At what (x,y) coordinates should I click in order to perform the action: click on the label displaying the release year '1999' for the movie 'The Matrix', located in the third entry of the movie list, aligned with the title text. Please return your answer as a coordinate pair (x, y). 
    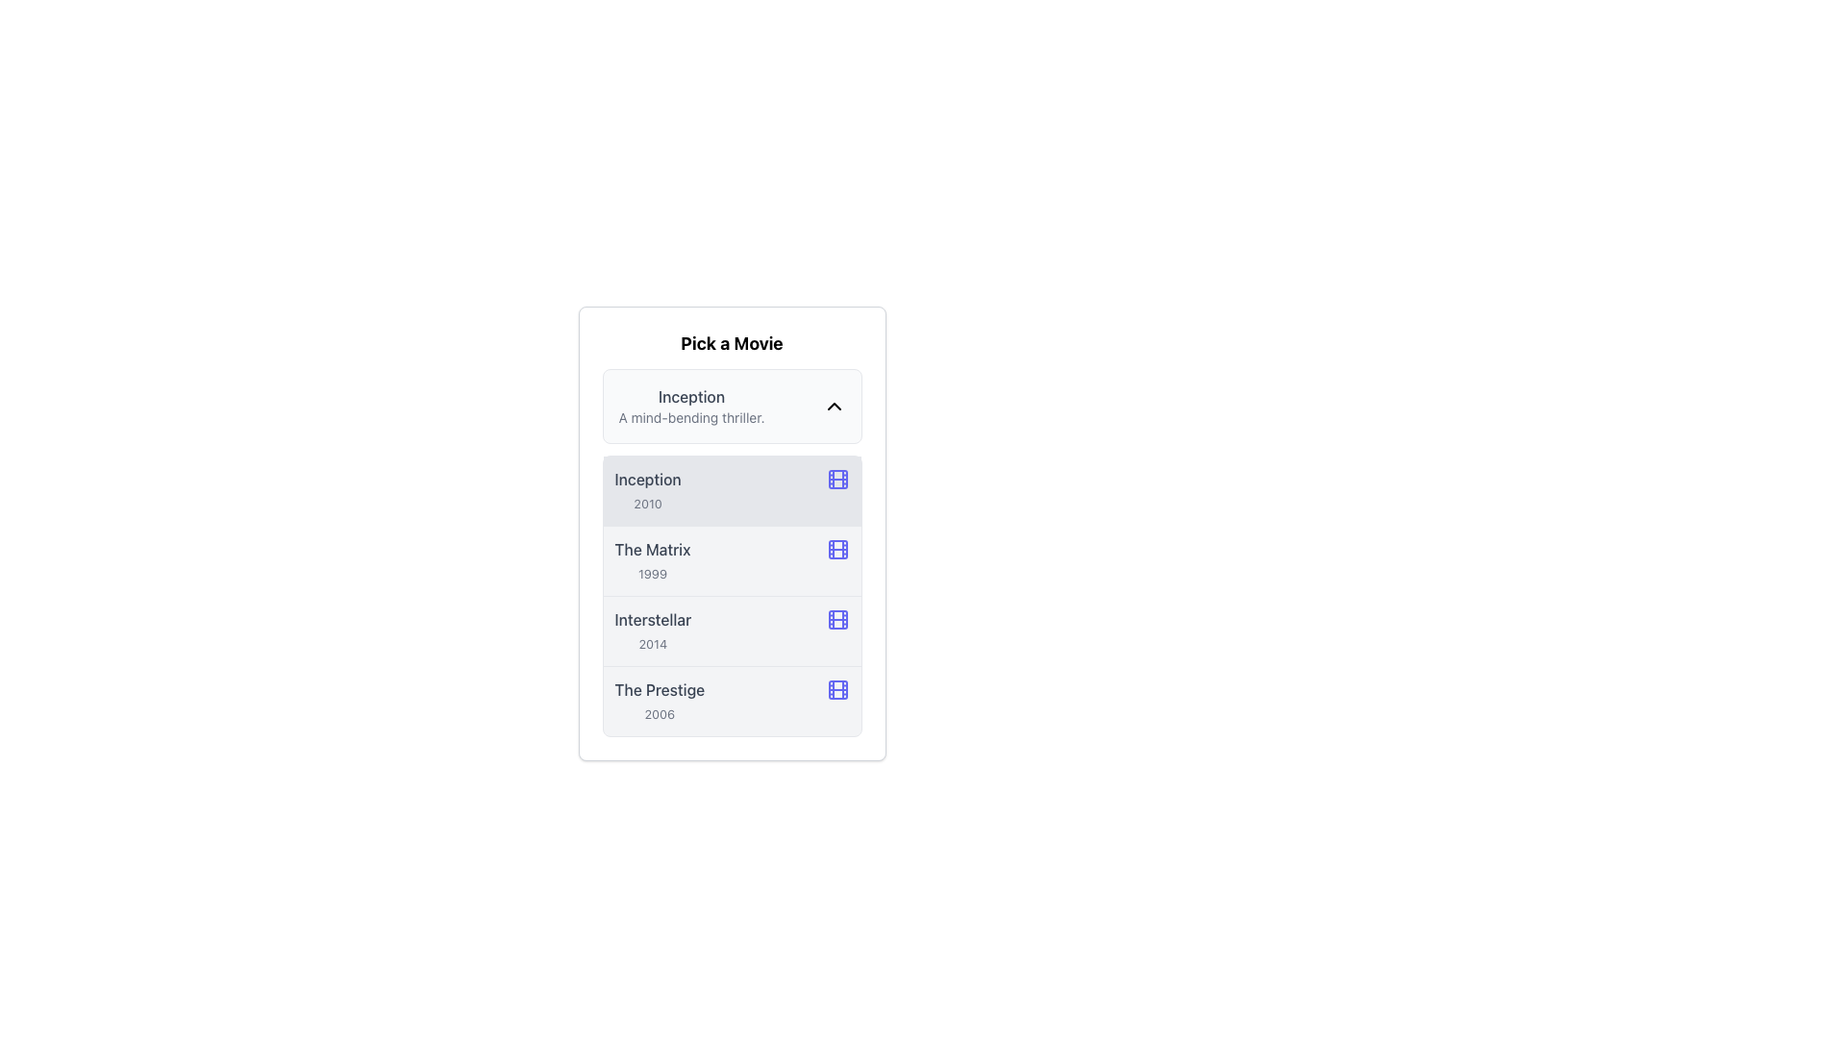
    Looking at the image, I should click on (652, 573).